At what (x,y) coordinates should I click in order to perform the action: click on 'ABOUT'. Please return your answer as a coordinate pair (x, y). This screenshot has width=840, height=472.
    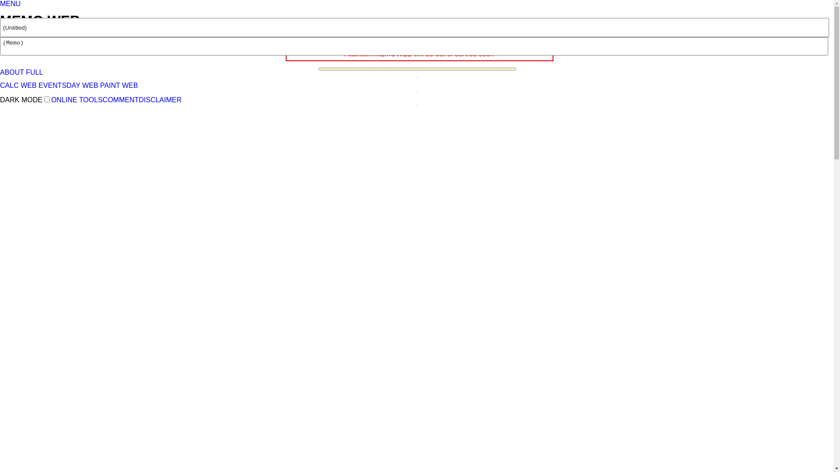
    Looking at the image, I should click on (12, 72).